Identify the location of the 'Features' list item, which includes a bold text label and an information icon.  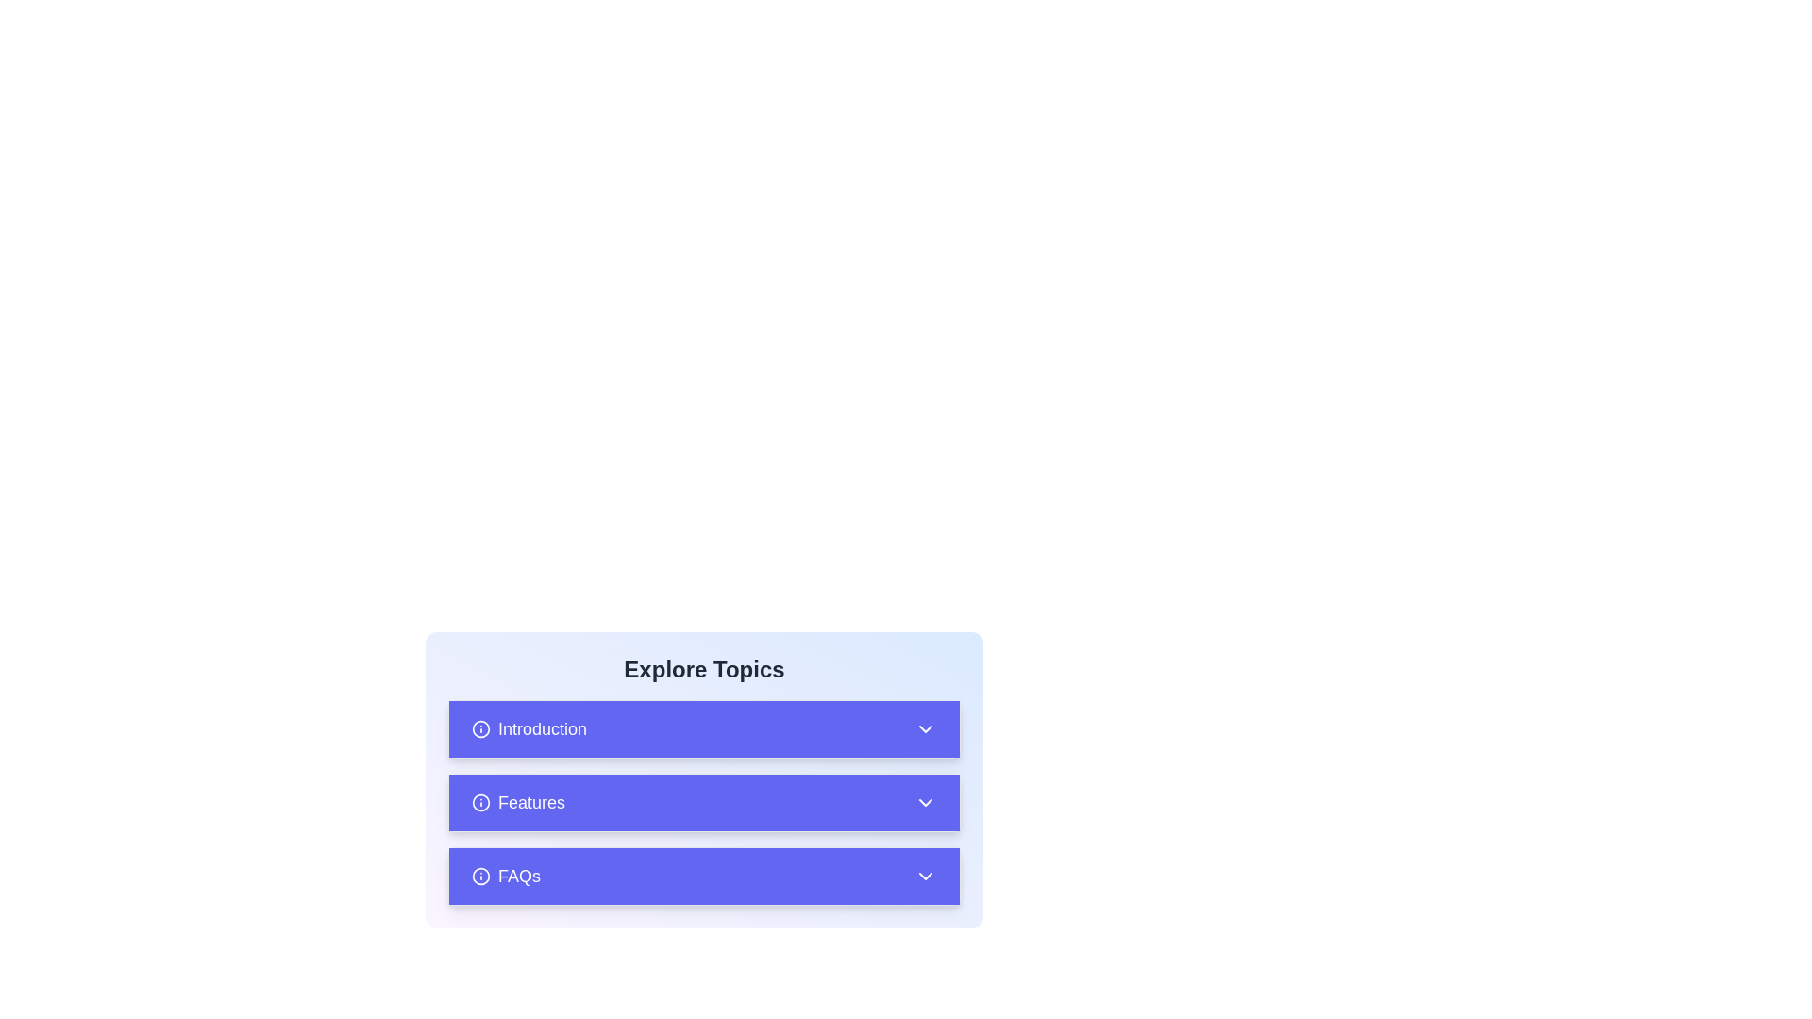
(518, 803).